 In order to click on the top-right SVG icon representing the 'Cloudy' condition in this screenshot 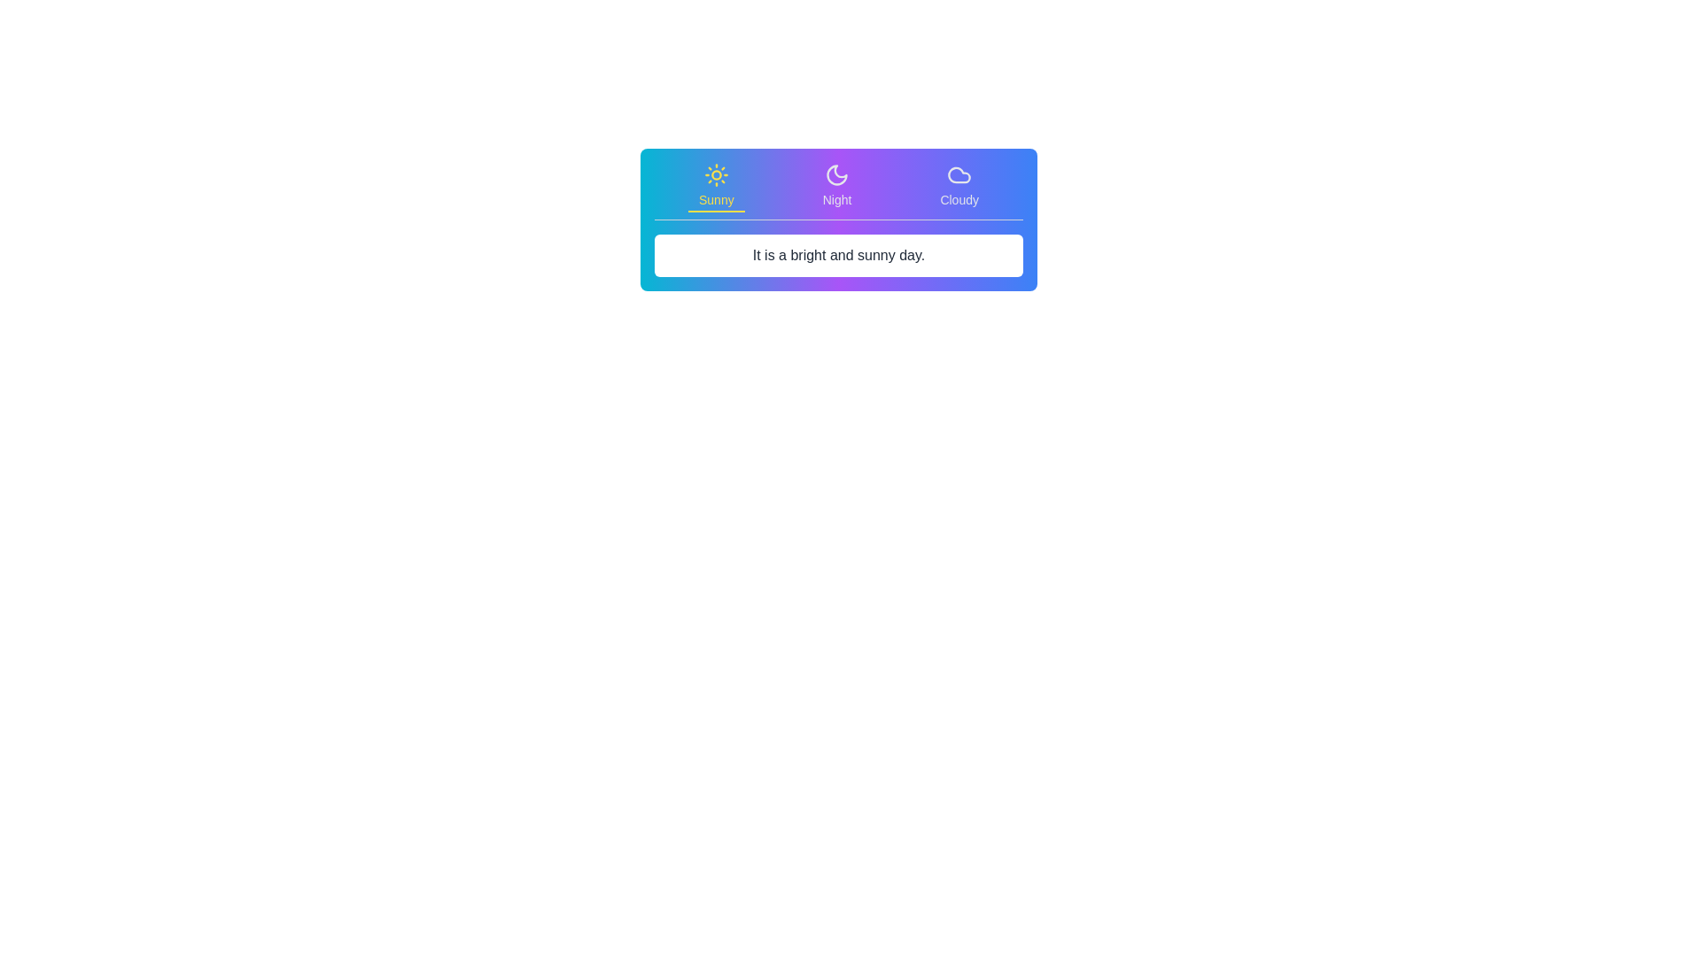, I will do `click(959, 174)`.